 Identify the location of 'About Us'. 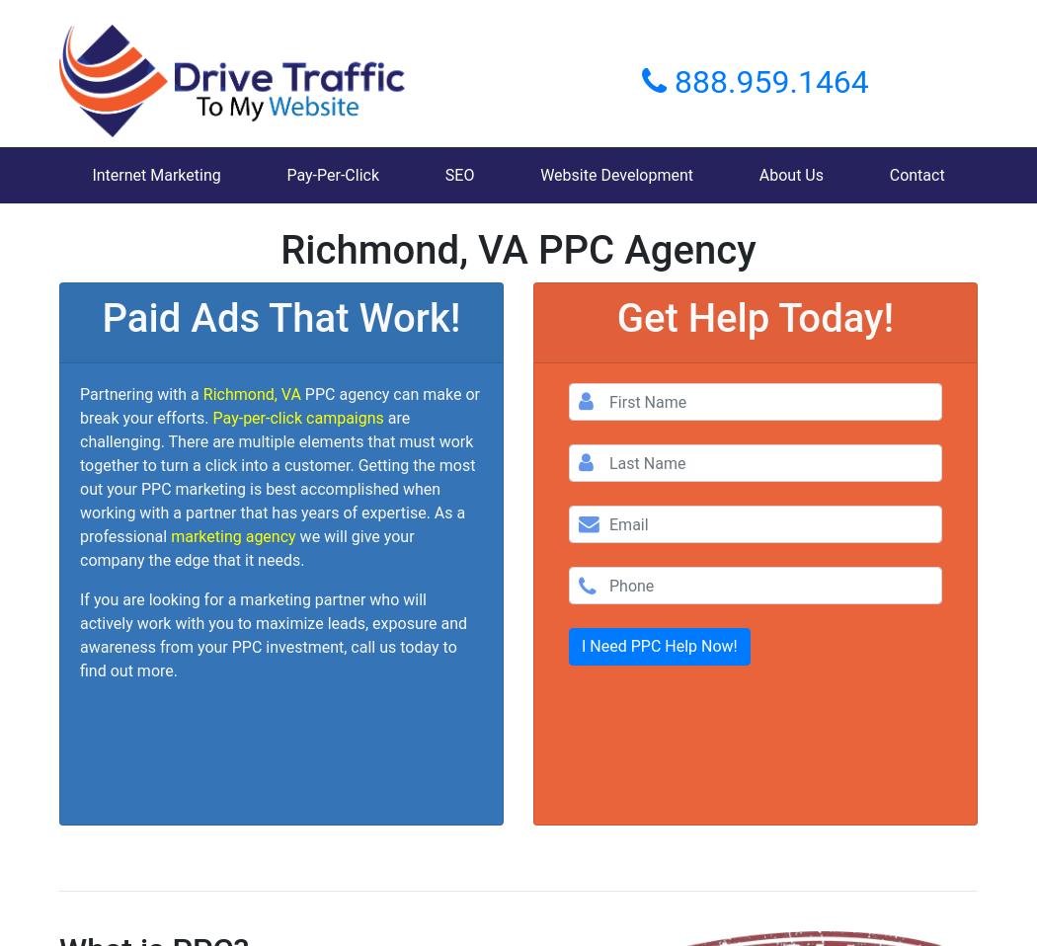
(789, 174).